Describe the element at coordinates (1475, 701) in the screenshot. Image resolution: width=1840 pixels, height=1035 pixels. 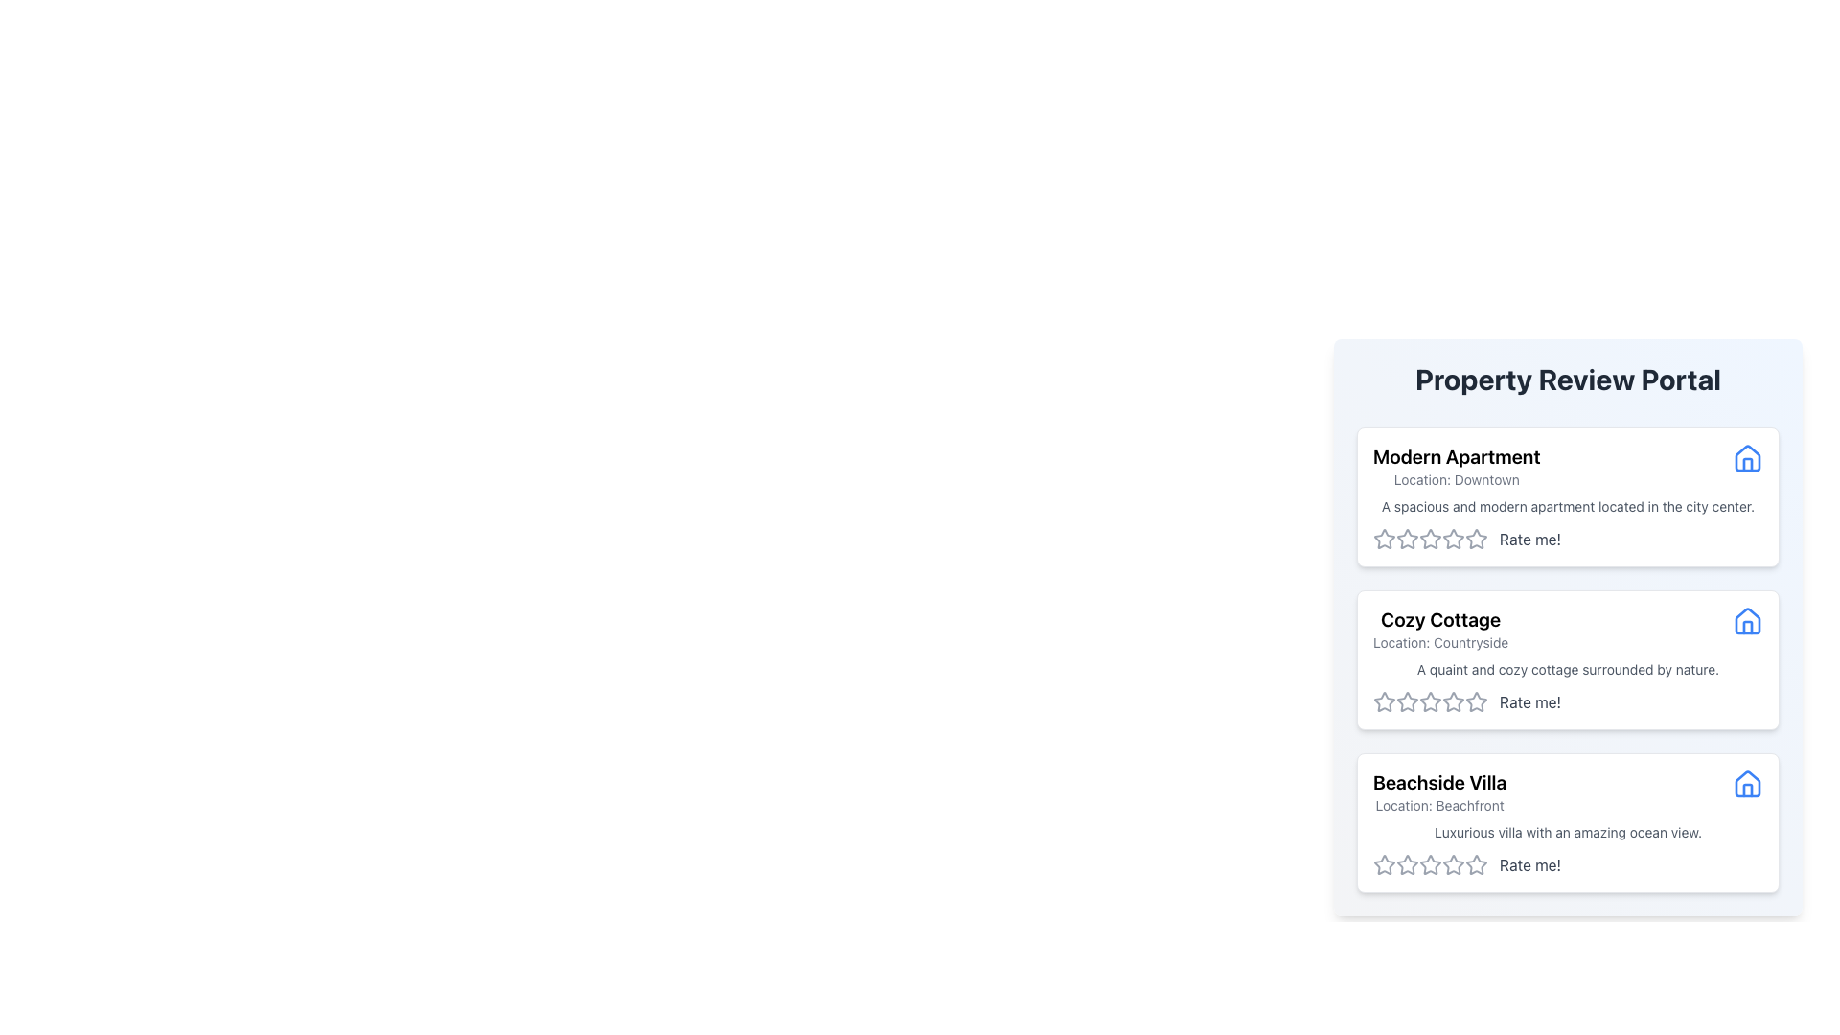
I see `the fourth star-shaped icon in the user rating system under the 'Cozy Cottage' review section` at that location.